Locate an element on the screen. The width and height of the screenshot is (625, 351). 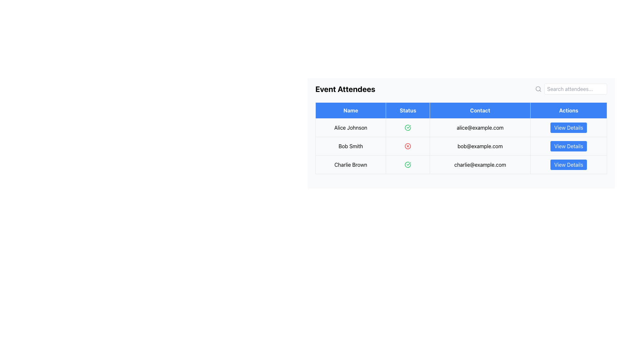
visual content of the status icon in the table cell for 'Alice Johnson', located in the 'Status' column between 'Name' and 'Contact' is located at coordinates (408, 128).